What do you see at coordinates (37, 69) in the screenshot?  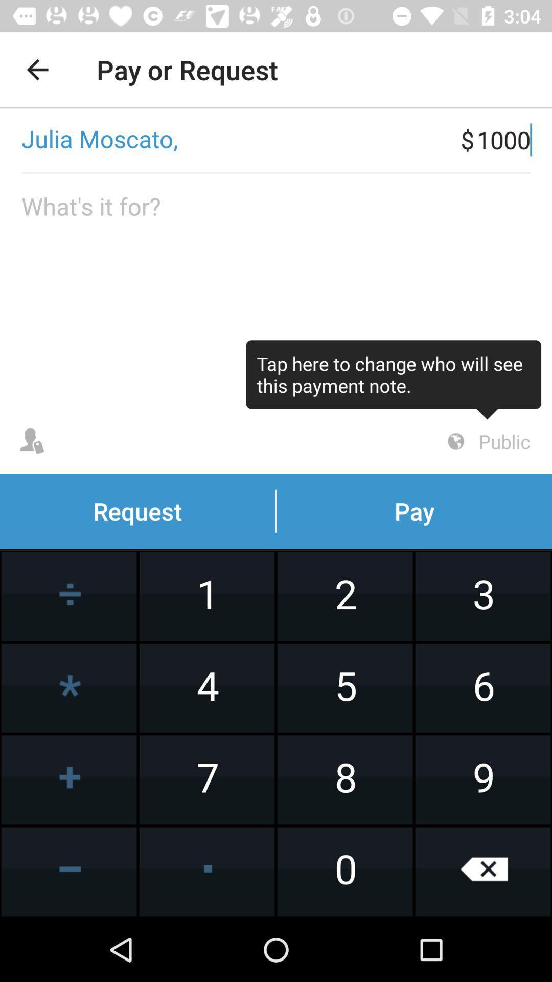 I see `item above ,  item` at bounding box center [37, 69].